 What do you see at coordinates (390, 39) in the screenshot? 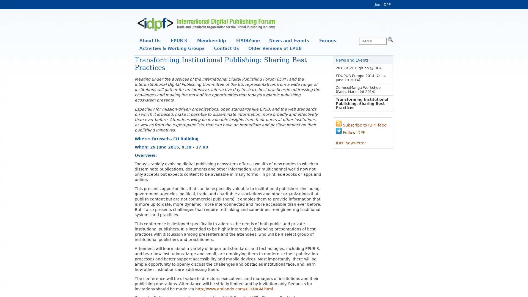
I see `Go` at bounding box center [390, 39].